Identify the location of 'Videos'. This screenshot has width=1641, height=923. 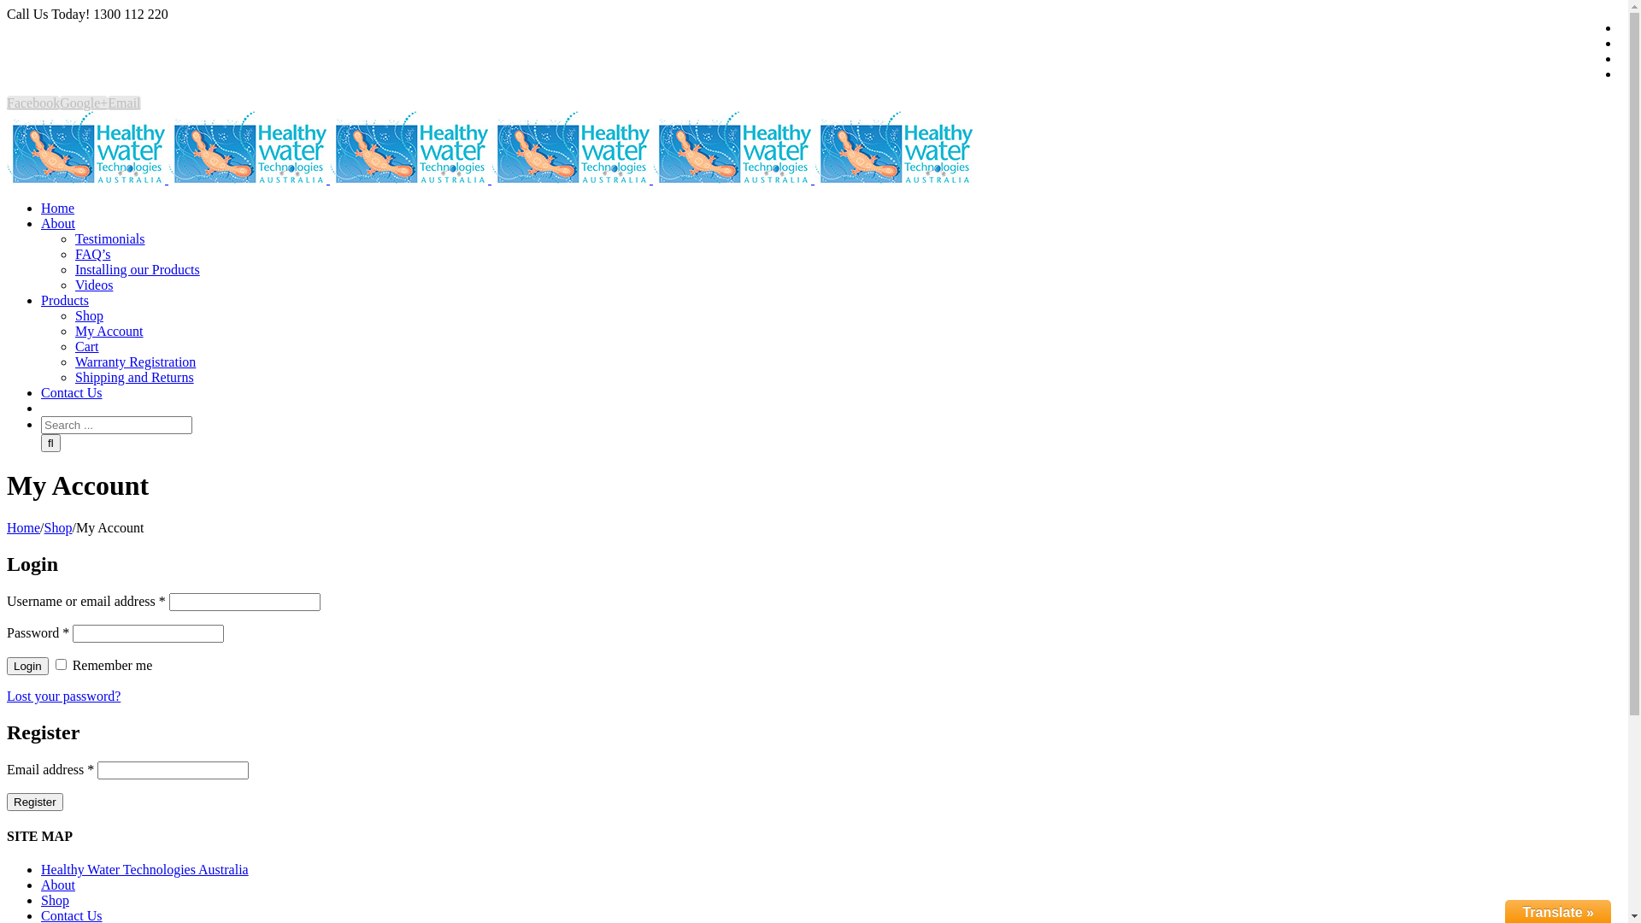
(93, 284).